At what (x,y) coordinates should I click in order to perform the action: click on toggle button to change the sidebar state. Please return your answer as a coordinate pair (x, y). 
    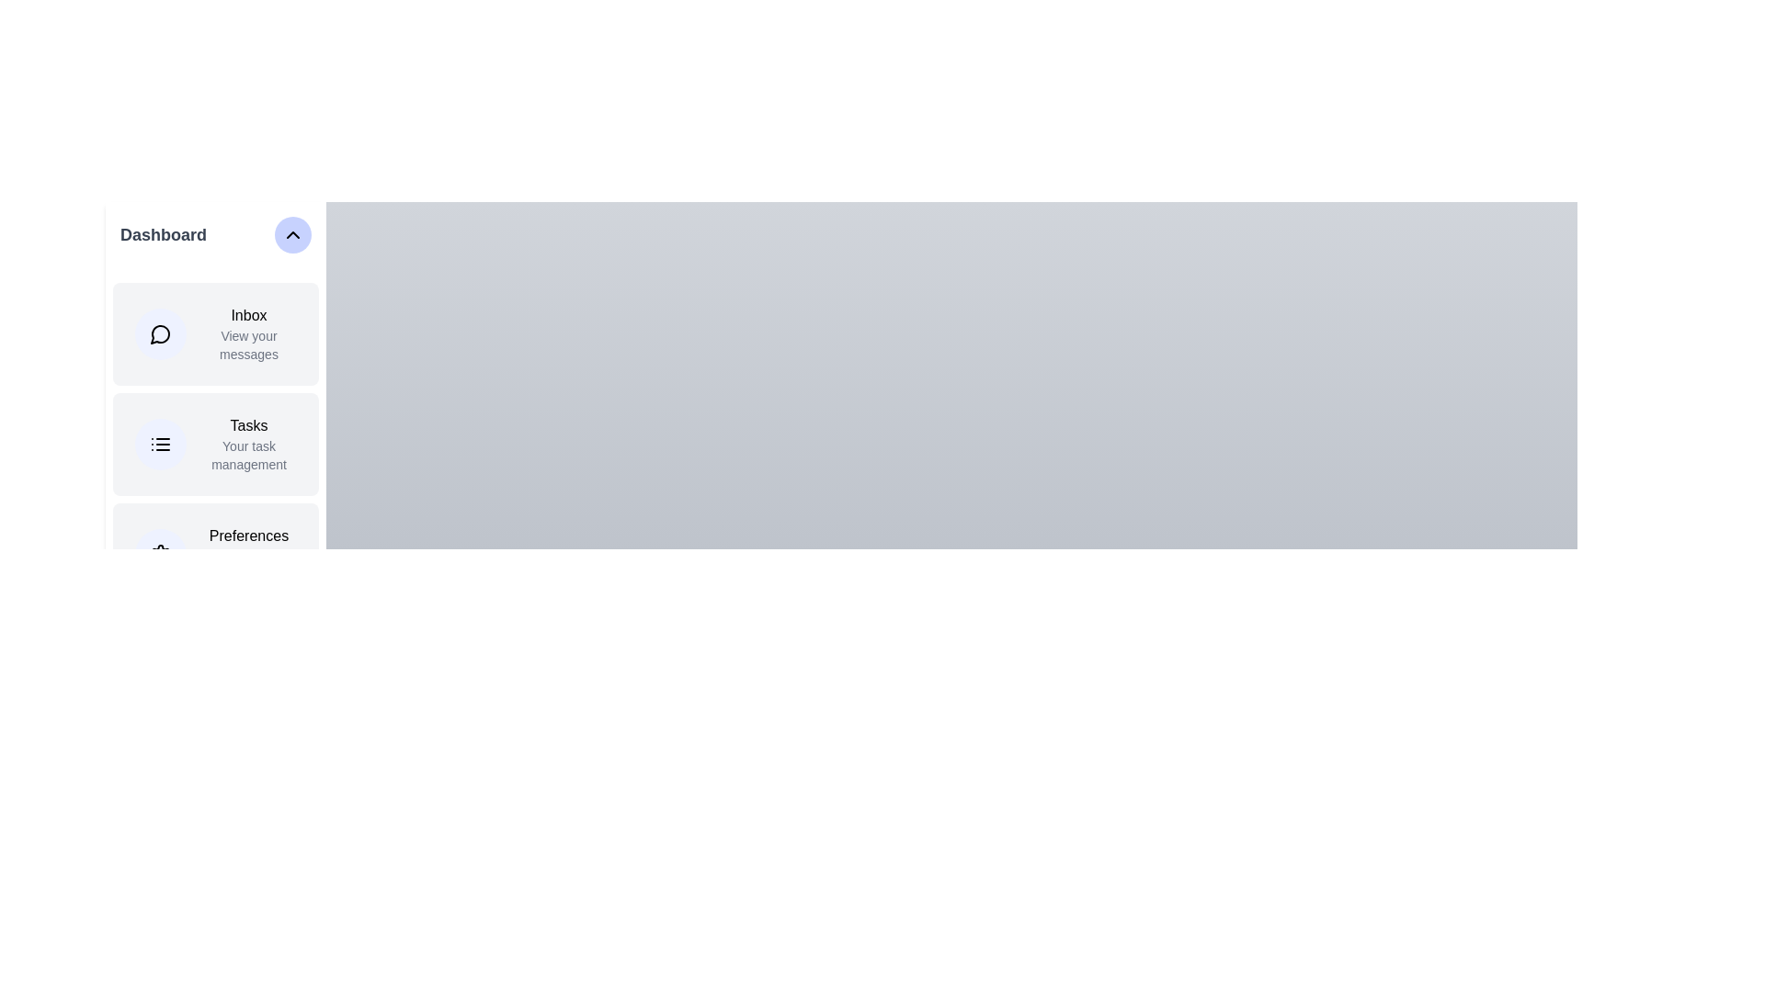
    Looking at the image, I should click on (291, 233).